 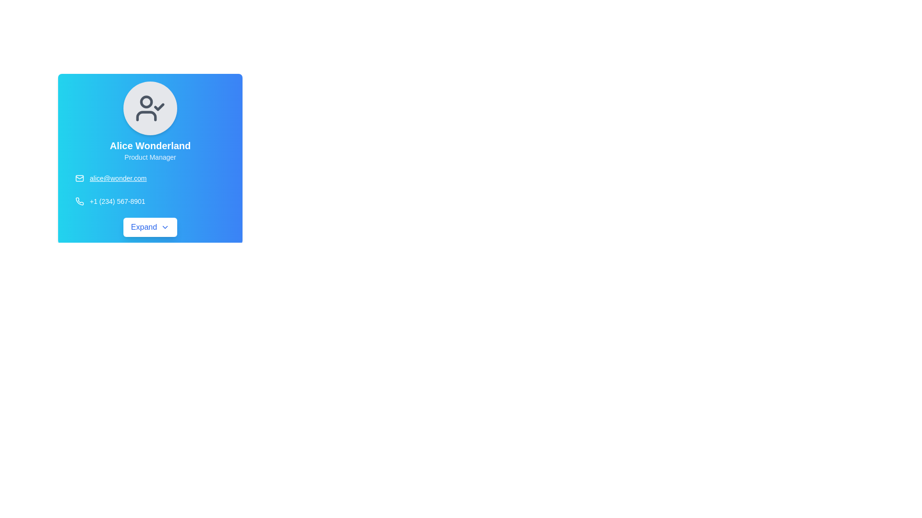 What do you see at coordinates (118, 178) in the screenshot?
I see `the email hyperlink located to the right of the mail icon and above the phone number` at bounding box center [118, 178].